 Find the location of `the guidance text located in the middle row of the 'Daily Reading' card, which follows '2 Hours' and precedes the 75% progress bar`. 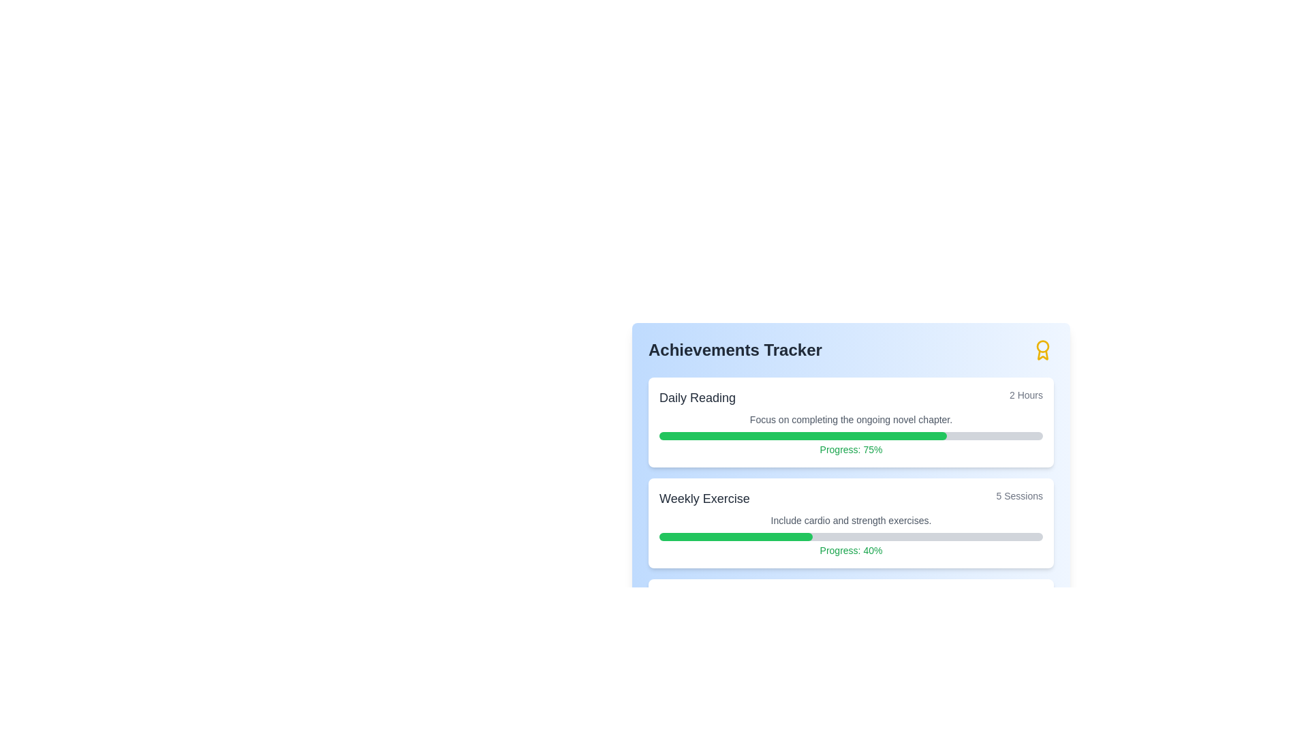

the guidance text located in the middle row of the 'Daily Reading' card, which follows '2 Hours' and precedes the 75% progress bar is located at coordinates (850, 419).